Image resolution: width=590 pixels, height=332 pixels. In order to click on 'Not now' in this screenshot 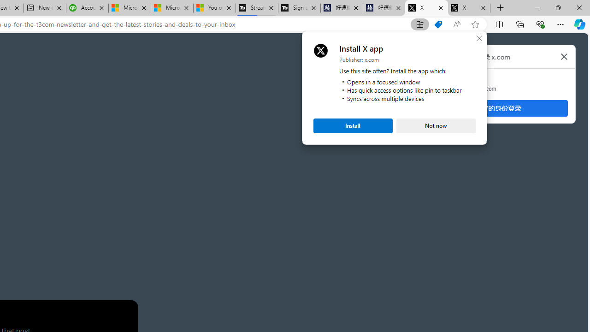, I will do `click(435, 125)`.